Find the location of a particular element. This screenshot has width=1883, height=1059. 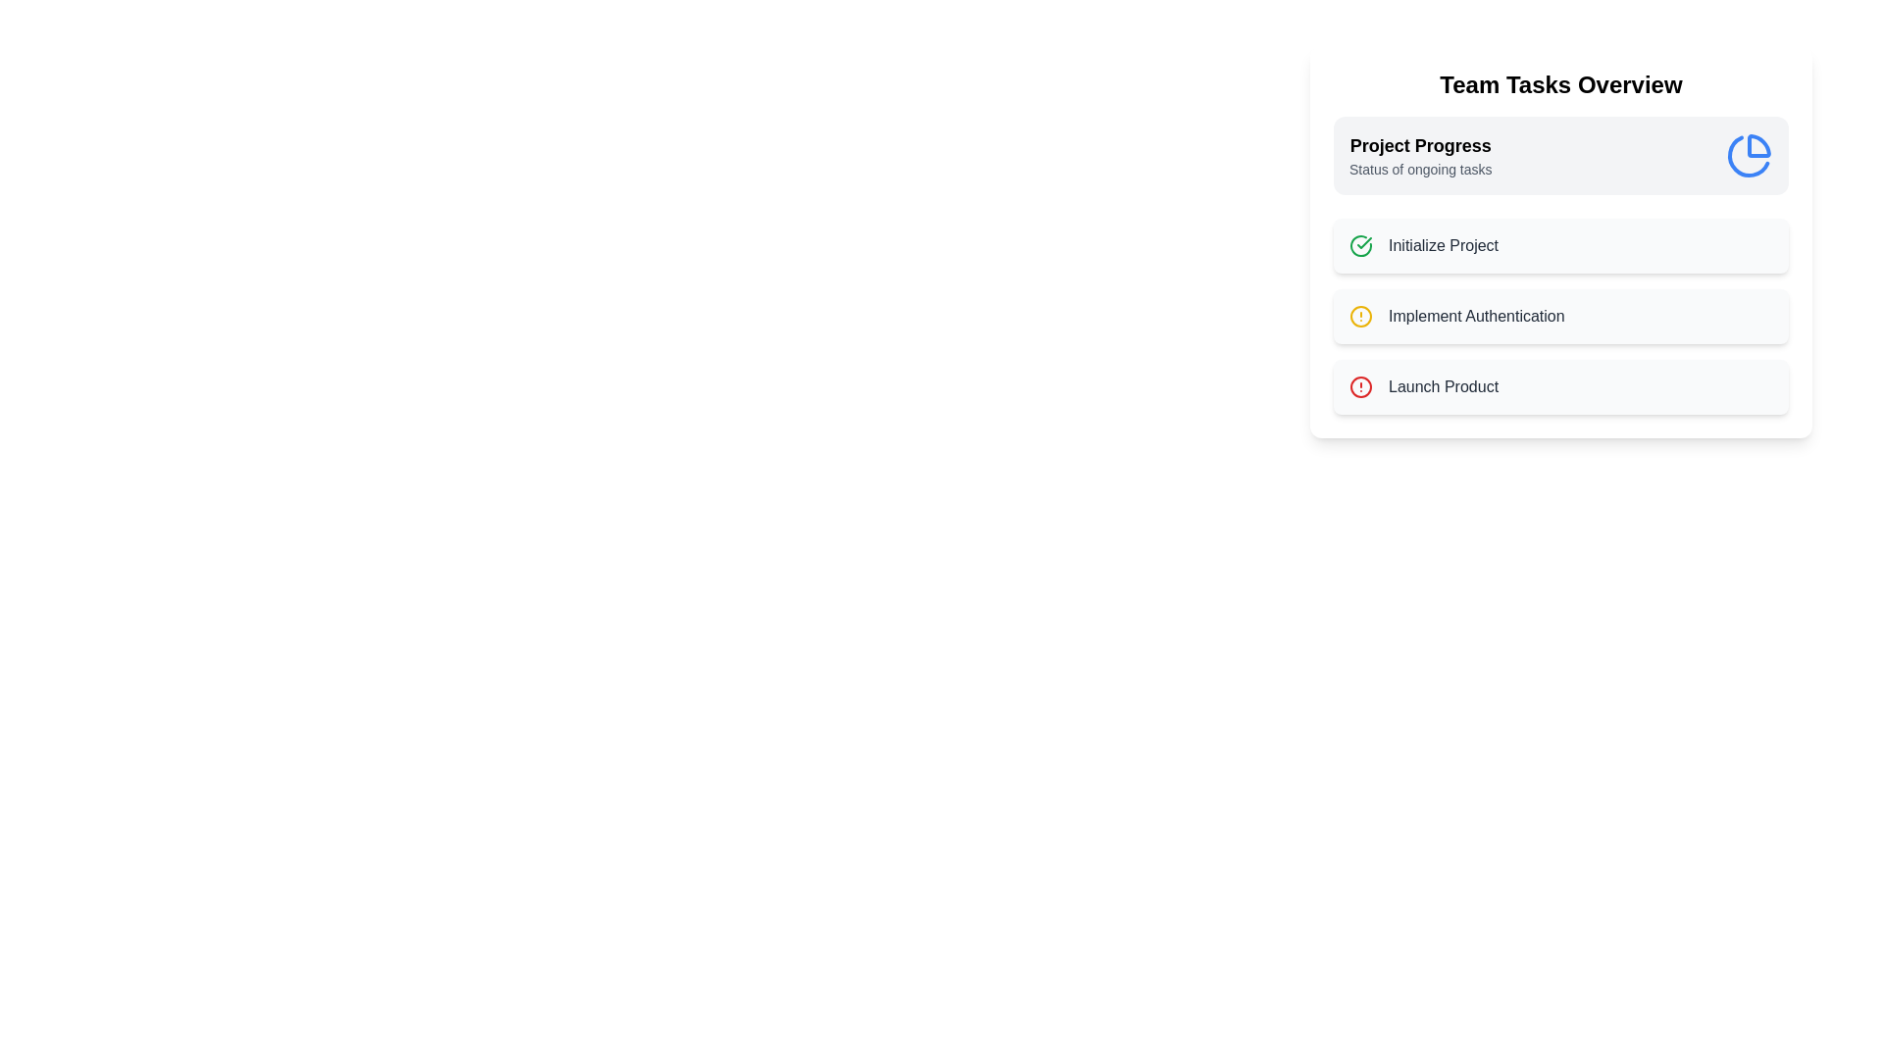

the icon corresponding to Launch Product to view its tooltip is located at coordinates (1359, 386).